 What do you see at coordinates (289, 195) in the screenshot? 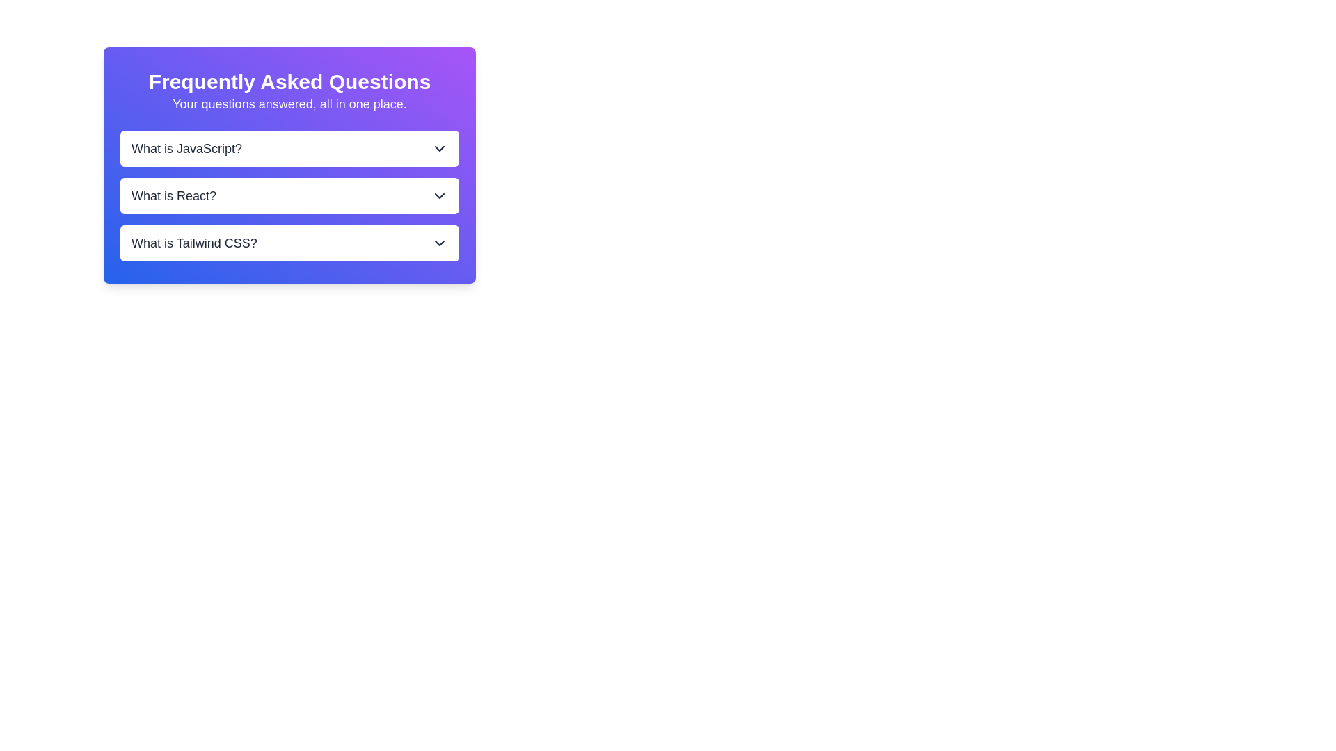
I see `the Collapsible Section Header located in the 'Frequently Asked Questions' card` at bounding box center [289, 195].